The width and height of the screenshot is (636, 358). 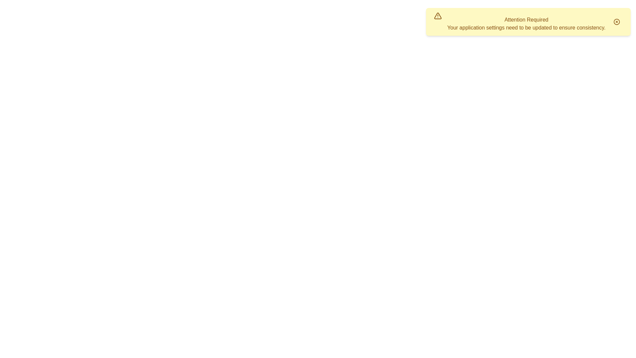 I want to click on the notification box with a yellow background and the title 'Attention Required' to focus on its details, so click(x=528, y=21).